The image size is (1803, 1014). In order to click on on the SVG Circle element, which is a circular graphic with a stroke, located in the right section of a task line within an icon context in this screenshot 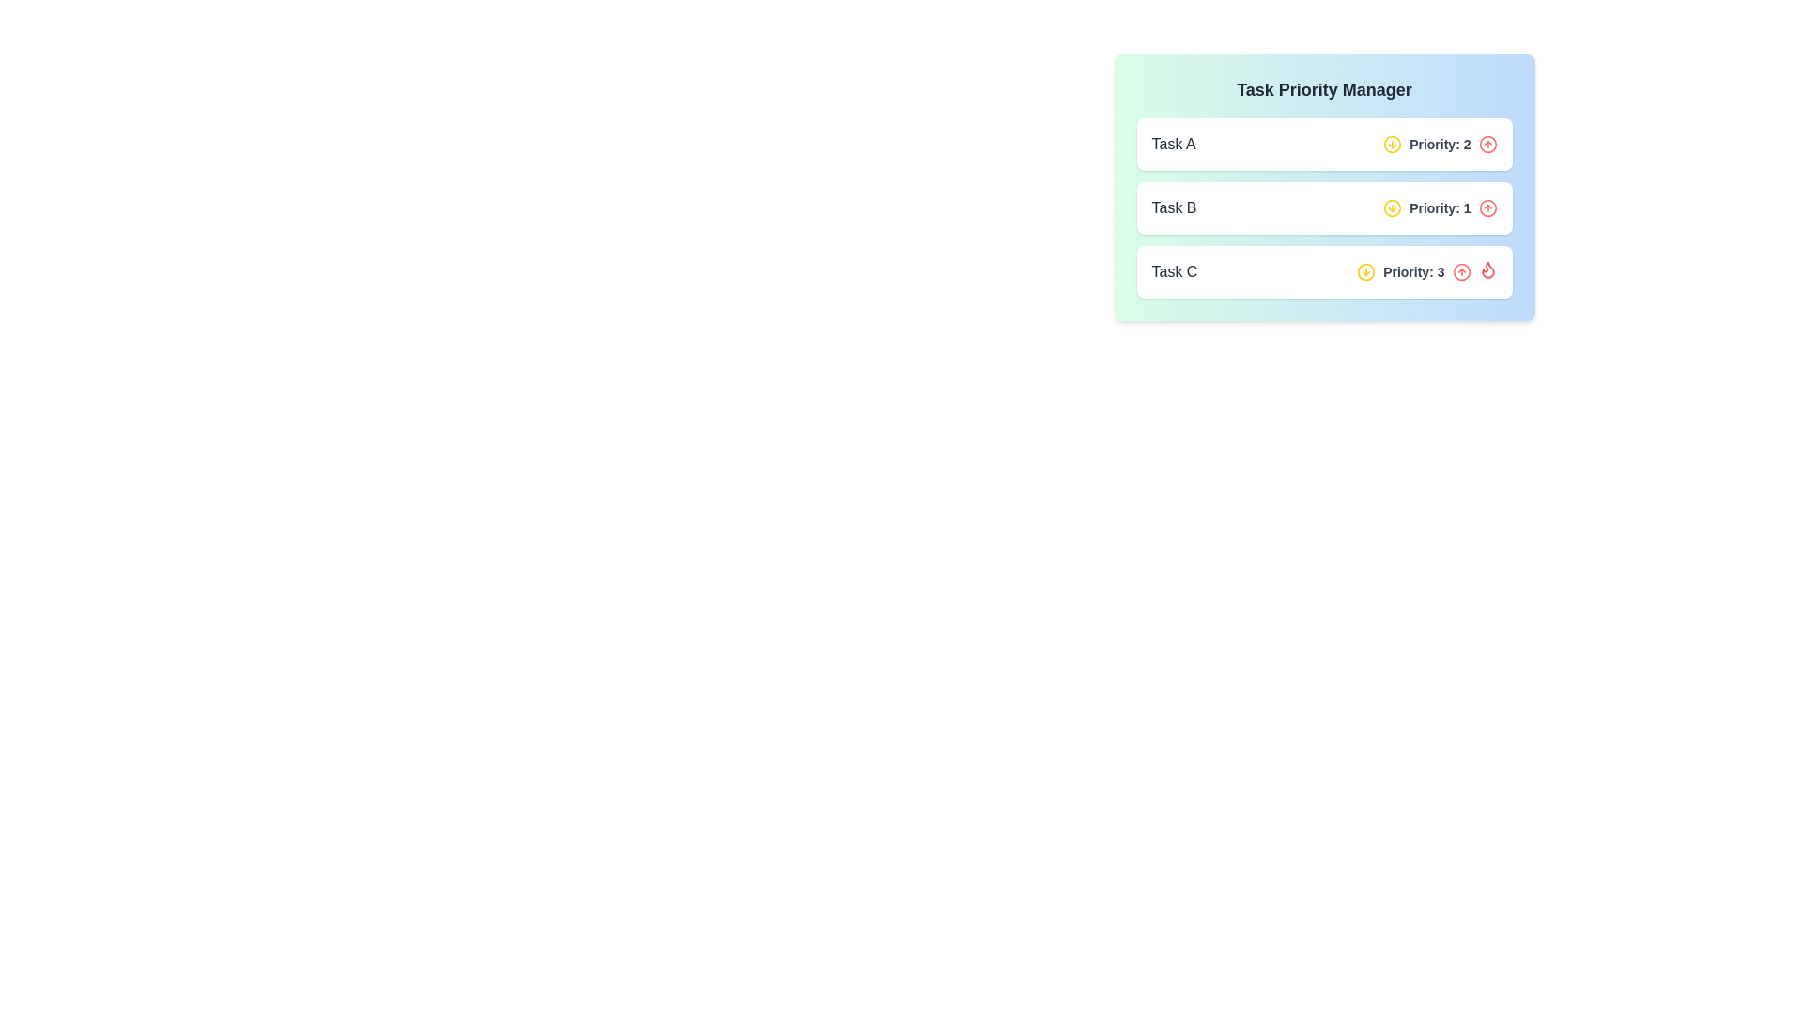, I will do `click(1365, 271)`.